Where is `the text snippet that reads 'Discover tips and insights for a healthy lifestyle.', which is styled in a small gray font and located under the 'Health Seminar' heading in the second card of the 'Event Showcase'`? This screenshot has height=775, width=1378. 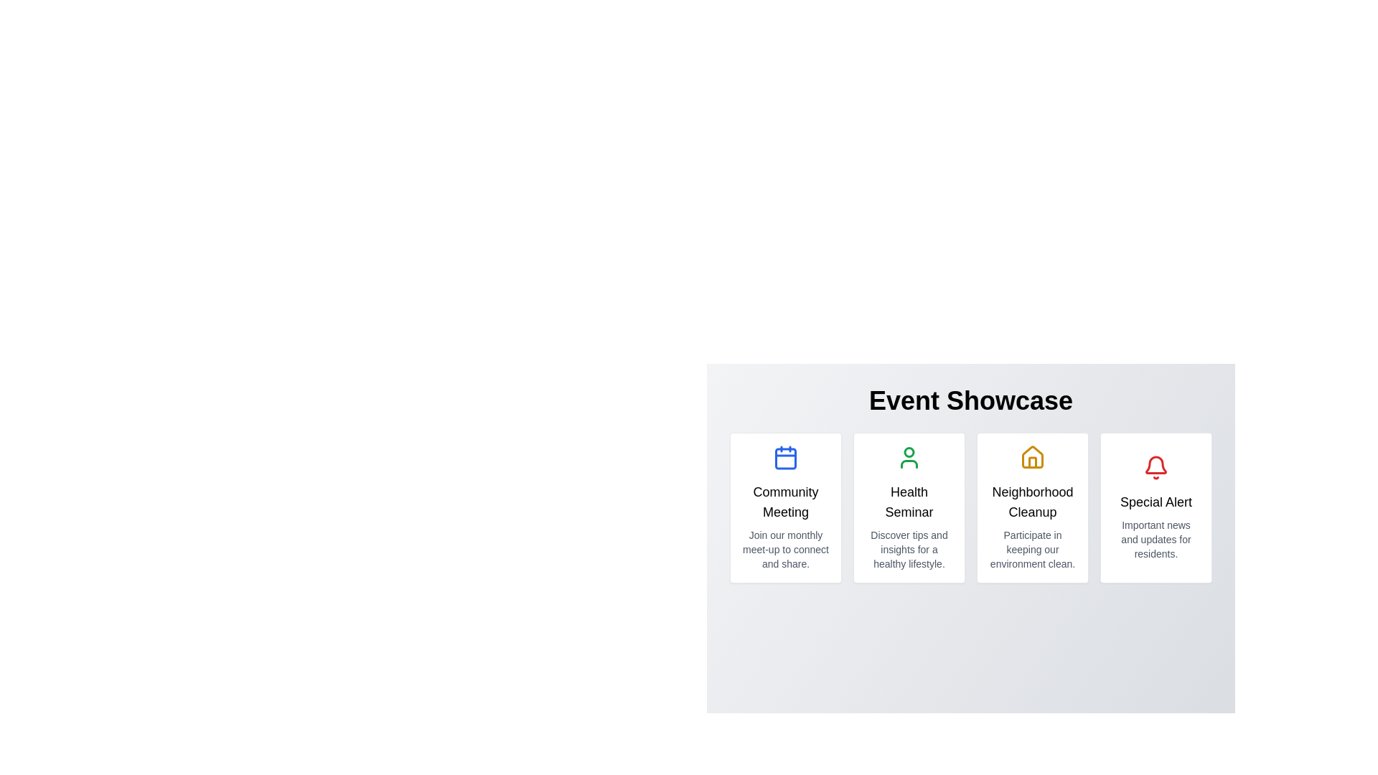 the text snippet that reads 'Discover tips and insights for a healthy lifestyle.', which is styled in a small gray font and located under the 'Health Seminar' heading in the second card of the 'Event Showcase' is located at coordinates (909, 549).